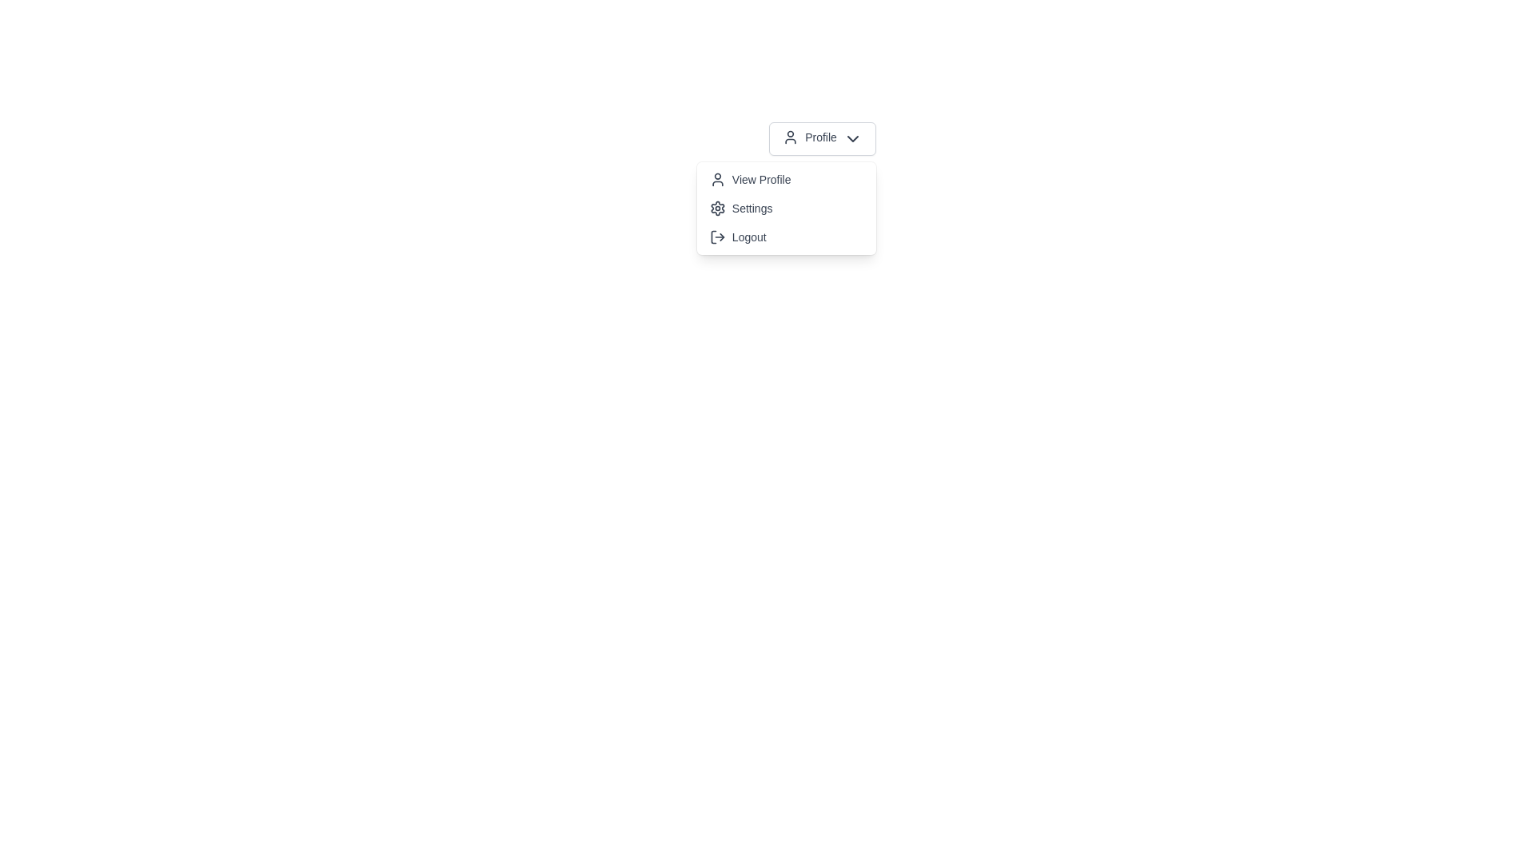 The image size is (1535, 863). Describe the element at coordinates (716, 208) in the screenshot. I see `the 'Settings' icon located to the left of the 'Settings' text in the dropdown menu below the 'Profile' button` at that location.